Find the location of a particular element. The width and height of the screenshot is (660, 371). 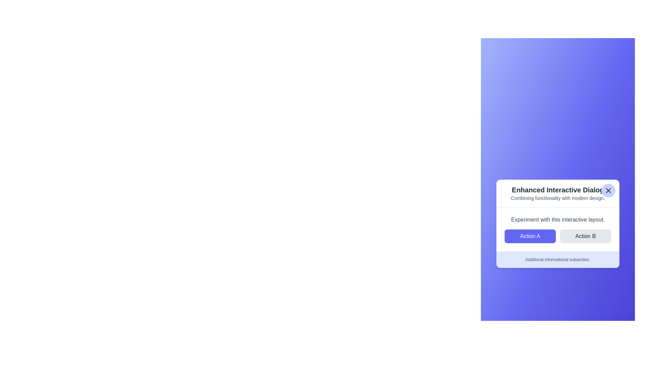

the buttons labeled 'Action A' and 'Action B' within the white dialog box titled 'Enhanced Interactive Dialog' is located at coordinates (558, 229).